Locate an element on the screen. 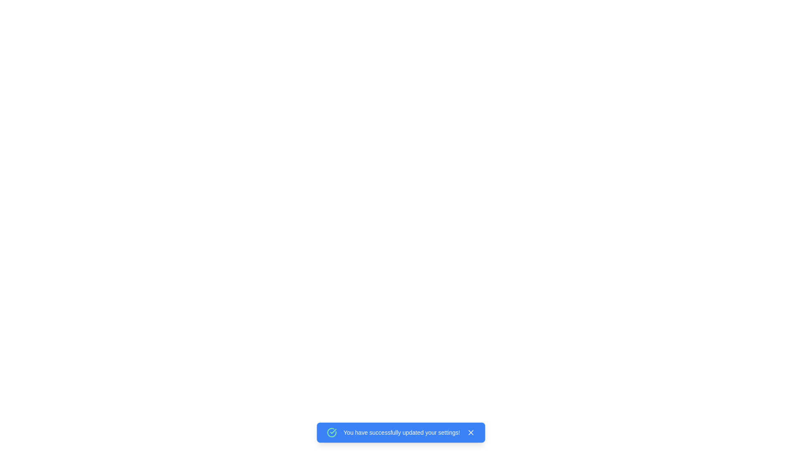 This screenshot has height=451, width=802. the green circular check mark icon located on the left side of the notification banner that indicates successful settings update is located at coordinates (331, 432).